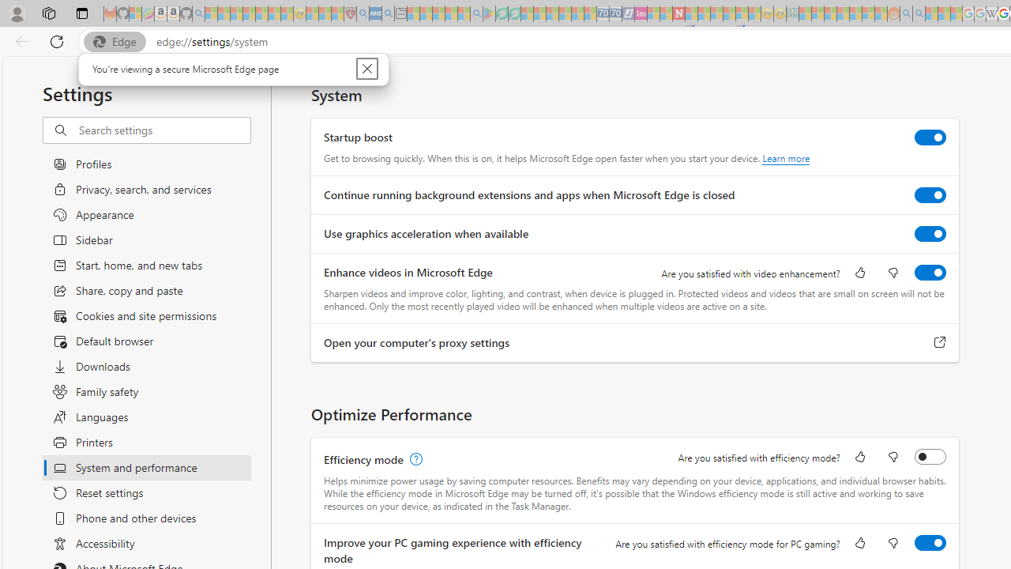  Describe the element at coordinates (475, 13) in the screenshot. I see `'google - Search - Sleeping'` at that location.